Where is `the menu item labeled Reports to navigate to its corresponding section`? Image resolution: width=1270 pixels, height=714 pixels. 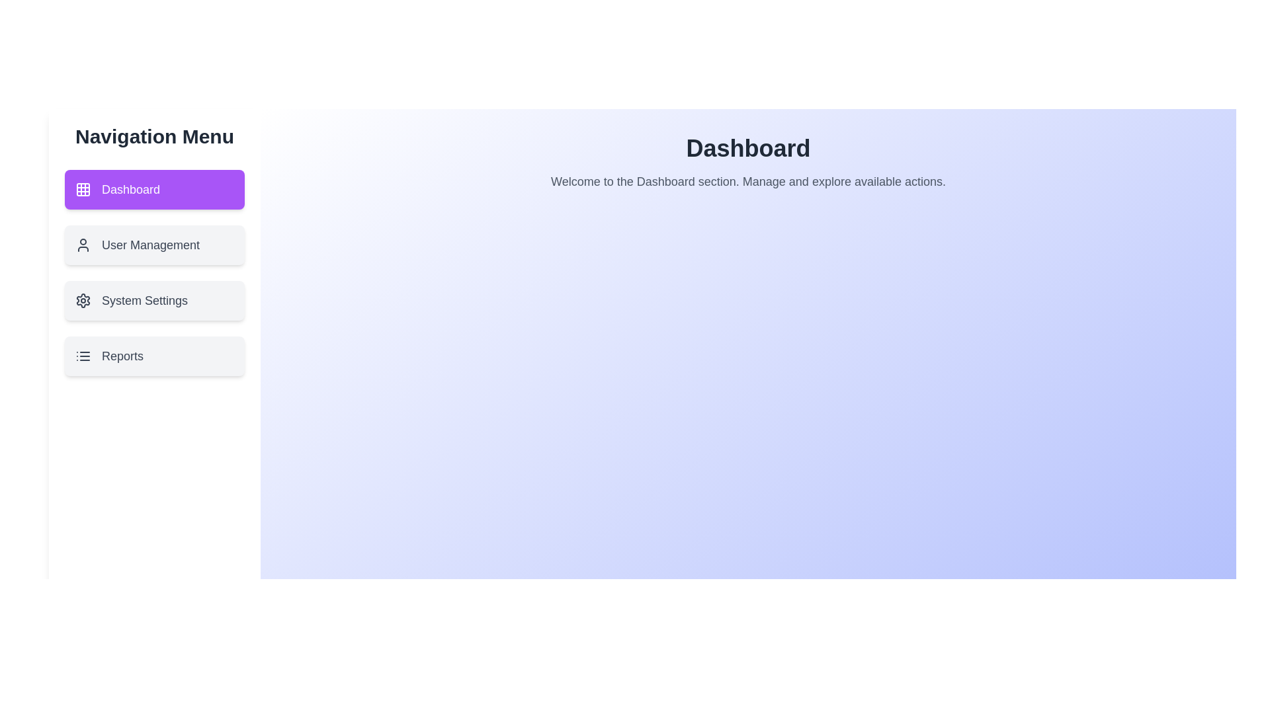 the menu item labeled Reports to navigate to its corresponding section is located at coordinates (155, 356).